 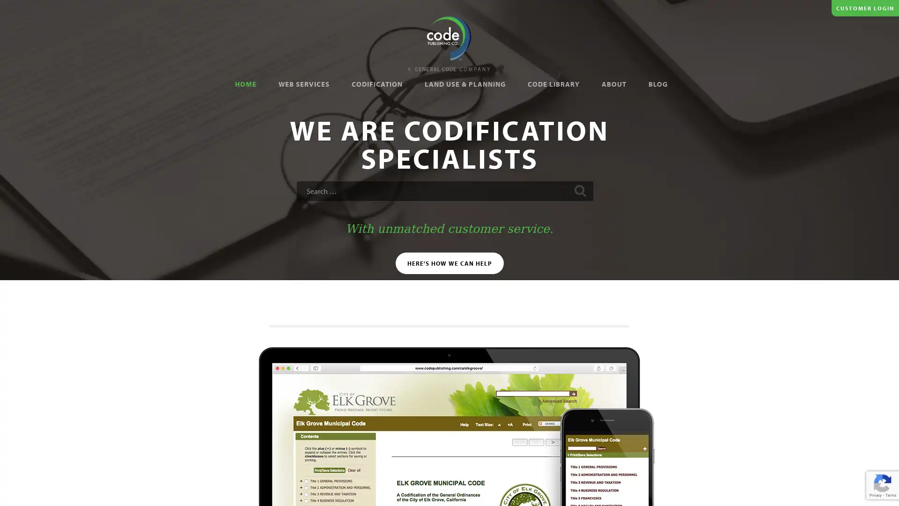 What do you see at coordinates (579, 191) in the screenshot?
I see `Search` at bounding box center [579, 191].